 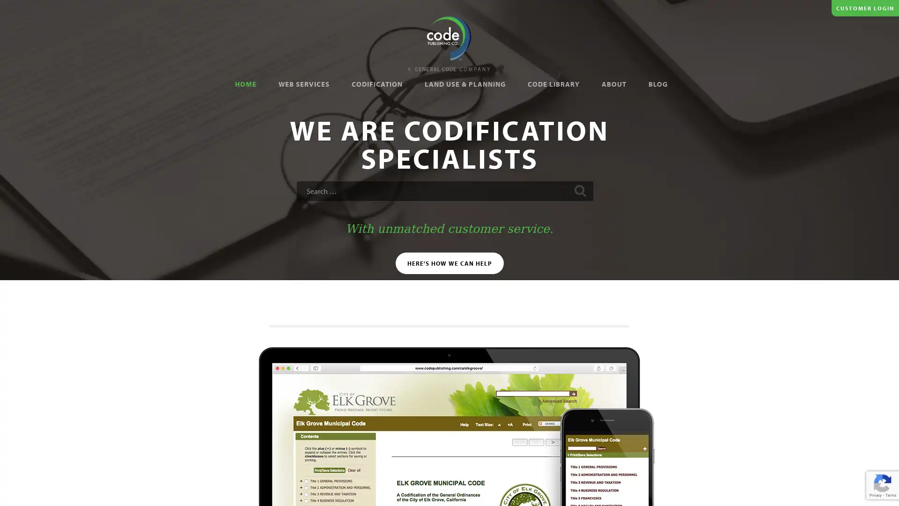 What do you see at coordinates (579, 191) in the screenshot?
I see `Search` at bounding box center [579, 191].